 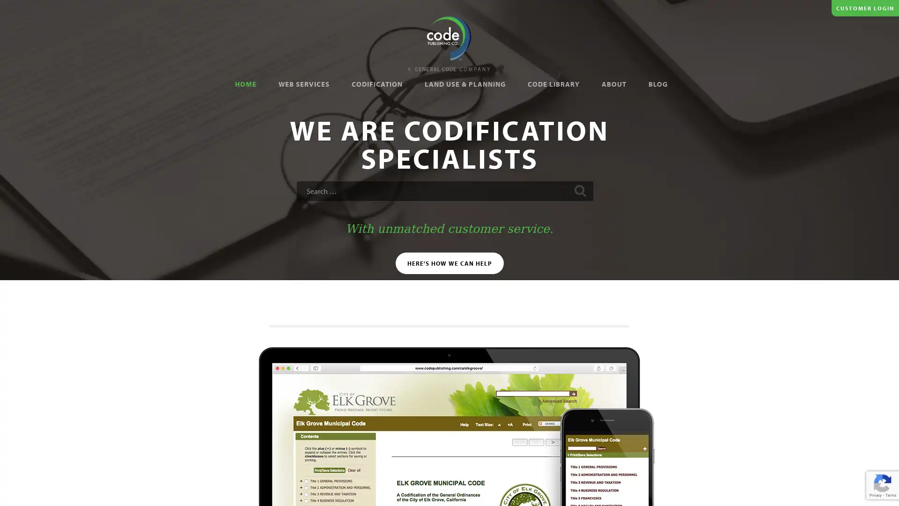 What do you see at coordinates (579, 191) in the screenshot?
I see `Search` at bounding box center [579, 191].